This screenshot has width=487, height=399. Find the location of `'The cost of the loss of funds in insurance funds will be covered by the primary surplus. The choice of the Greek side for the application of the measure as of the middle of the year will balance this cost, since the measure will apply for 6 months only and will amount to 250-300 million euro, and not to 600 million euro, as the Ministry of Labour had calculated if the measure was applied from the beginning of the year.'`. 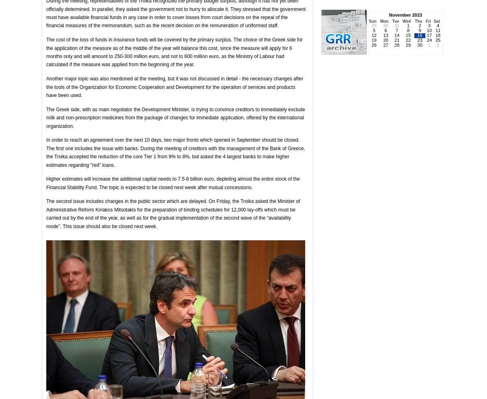

'The cost of the loss of funds in insurance funds will be covered by the primary surplus. The choice of the Greek side for the application of the measure as of the middle of the year will balance this cost, since the measure will apply for 6 months only and will amount to 250-300 million euro, and not to 600 million euro, as the Ministry of Labour had calculated if the measure was applied from the beginning of the year.' is located at coordinates (174, 52).